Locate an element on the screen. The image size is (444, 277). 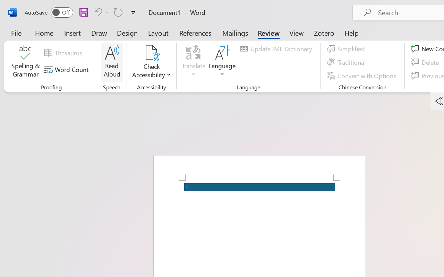
'Thesaurus...' is located at coordinates (64, 53).